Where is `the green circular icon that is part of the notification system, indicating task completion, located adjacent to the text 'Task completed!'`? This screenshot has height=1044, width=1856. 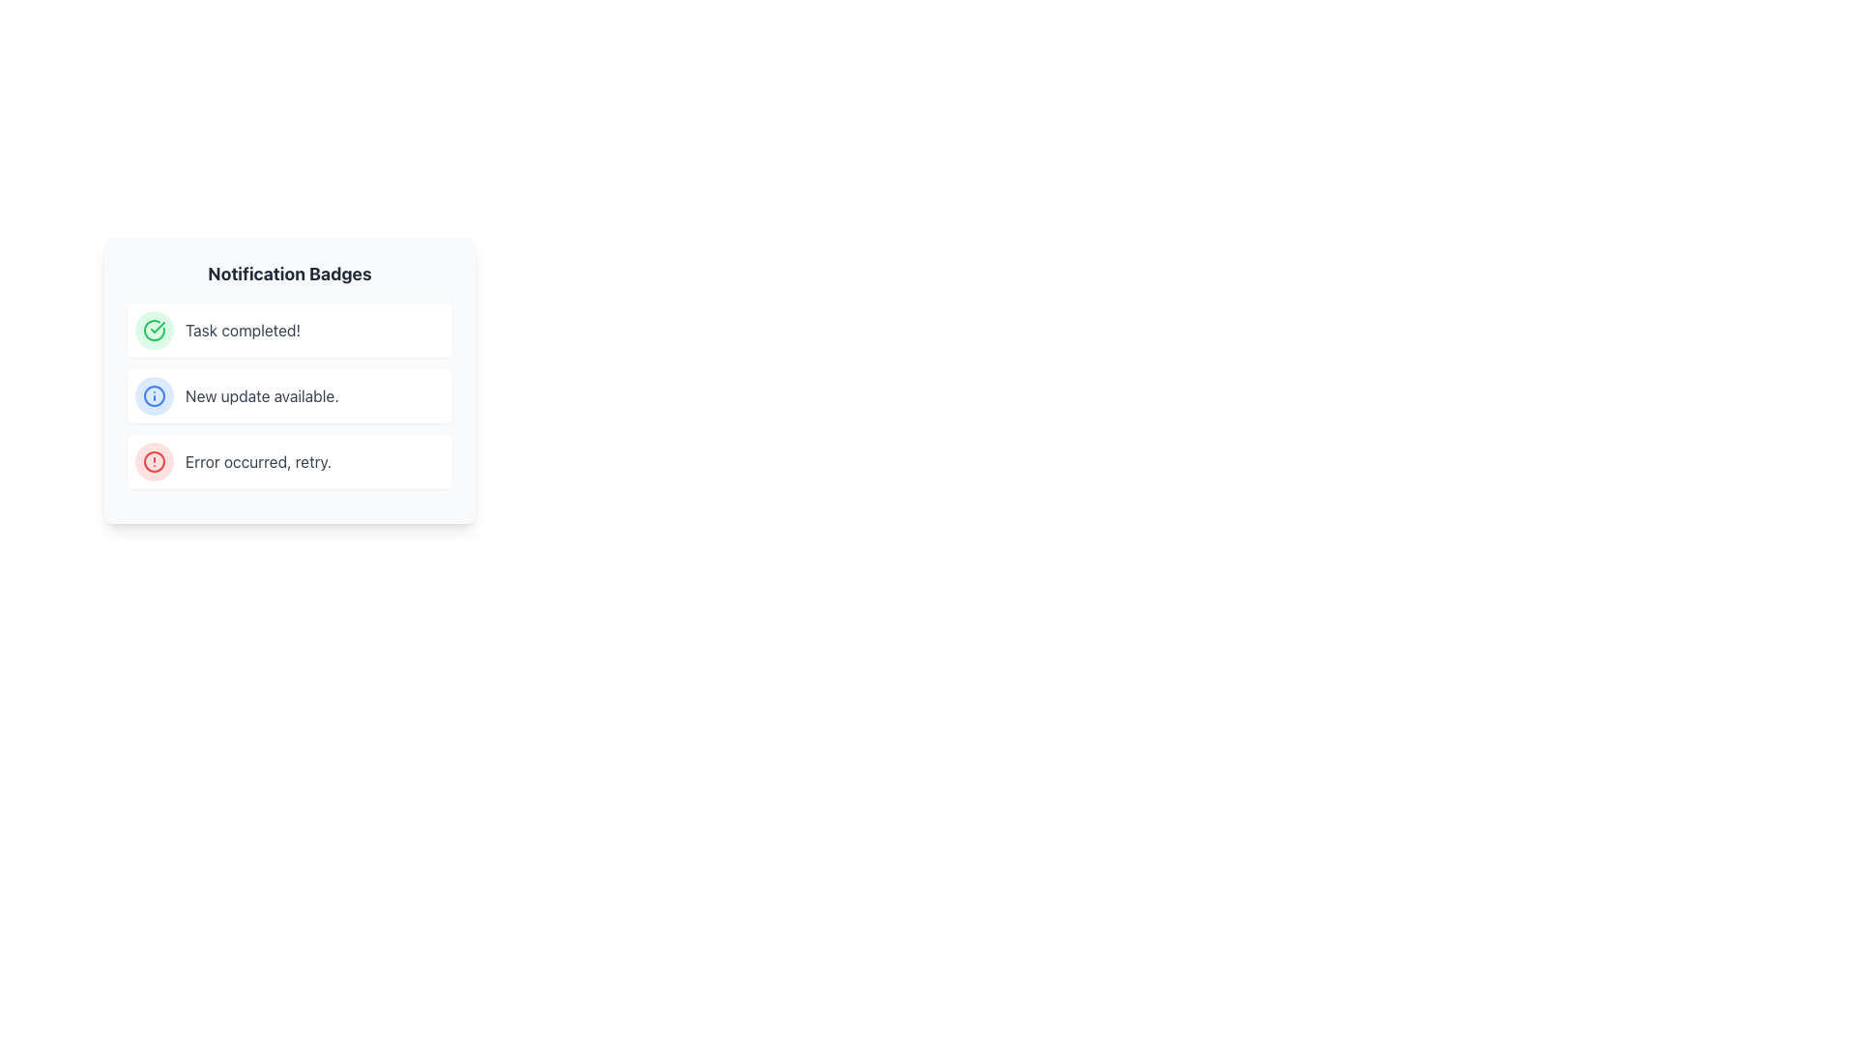
the green circular icon that is part of the notification system, indicating task completion, located adjacent to the text 'Task completed!' is located at coordinates (153, 330).